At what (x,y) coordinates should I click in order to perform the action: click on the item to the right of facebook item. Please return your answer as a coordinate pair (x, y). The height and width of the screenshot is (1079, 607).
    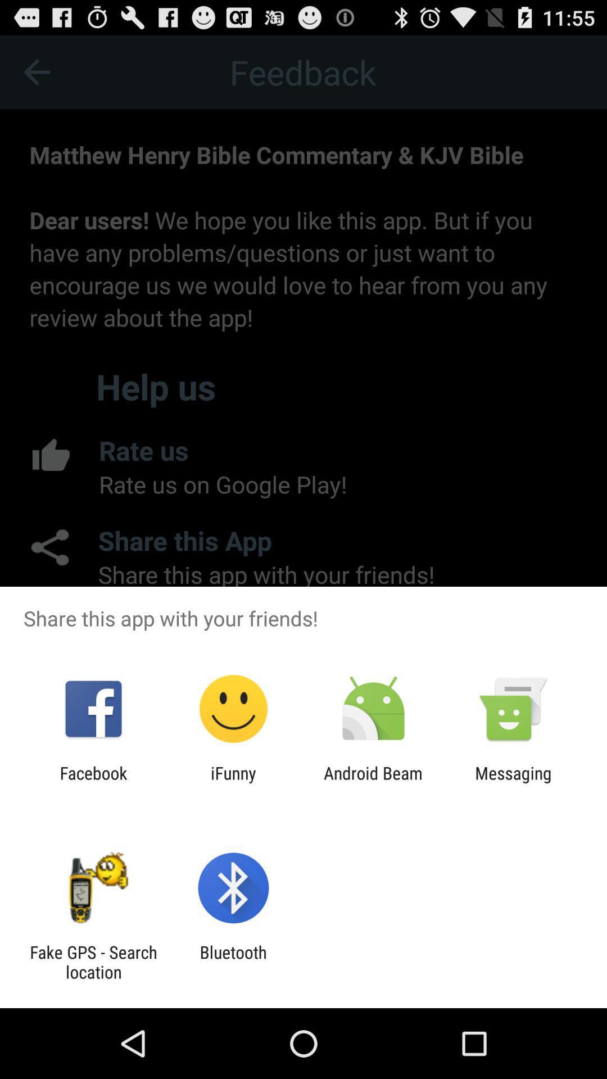
    Looking at the image, I should click on (233, 782).